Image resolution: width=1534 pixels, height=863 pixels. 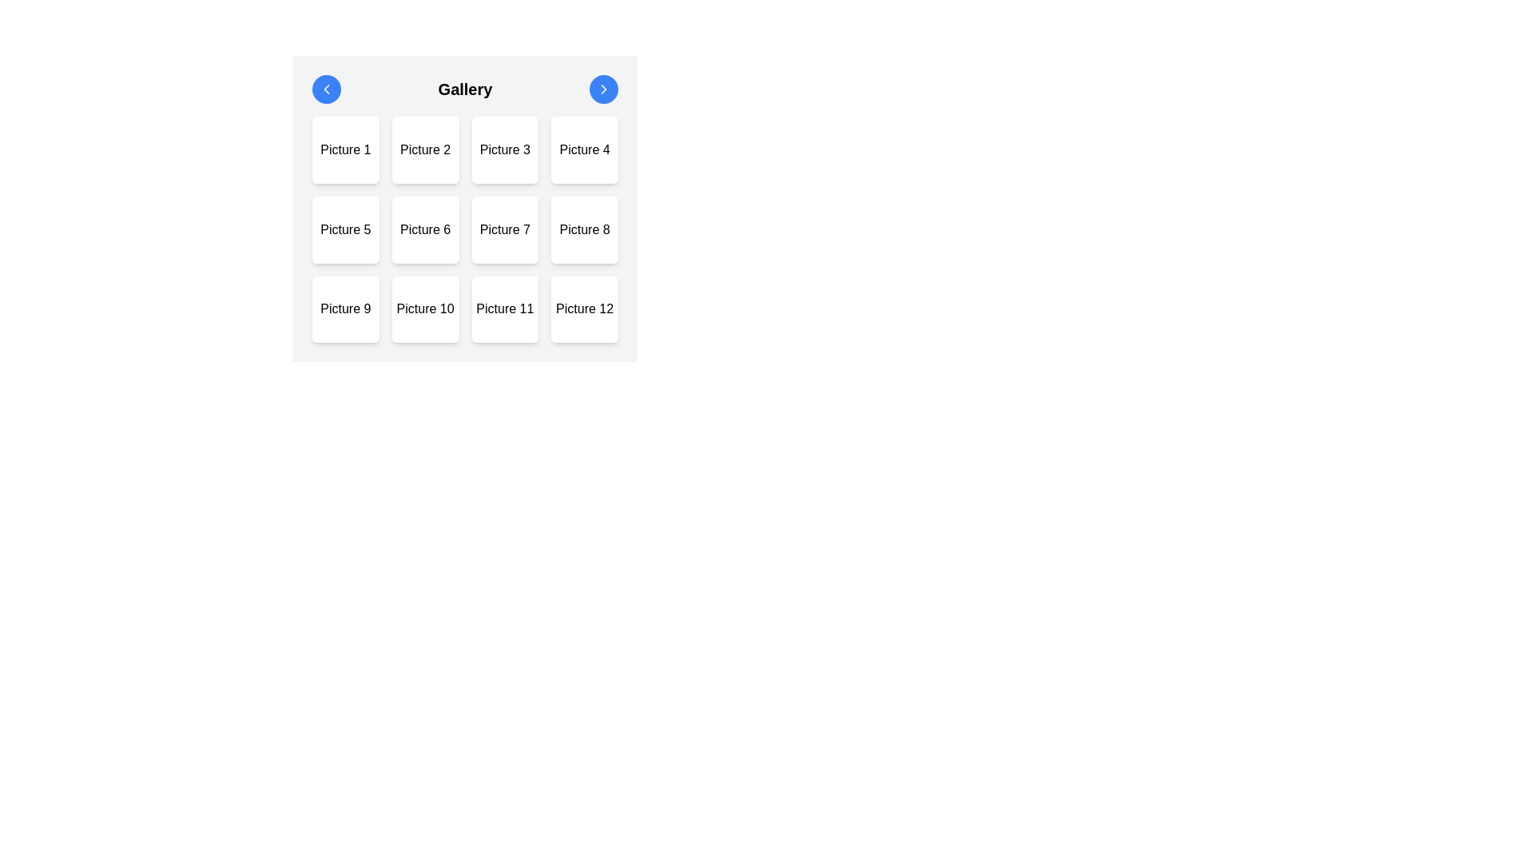 I want to click on the static text or image placeholder labeled 'Picture 11', which is the eleventh item in a grid of 12 square cells arranged in 4 columns and 3 rows, so click(x=504, y=309).